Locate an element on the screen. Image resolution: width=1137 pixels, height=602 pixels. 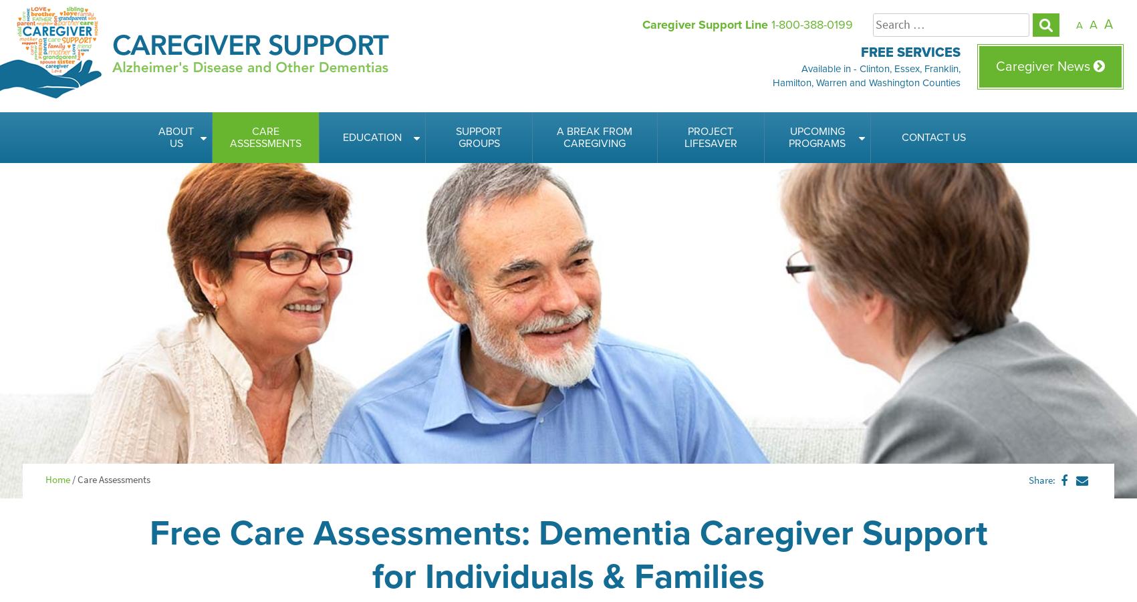
'About Us' is located at coordinates (176, 136).